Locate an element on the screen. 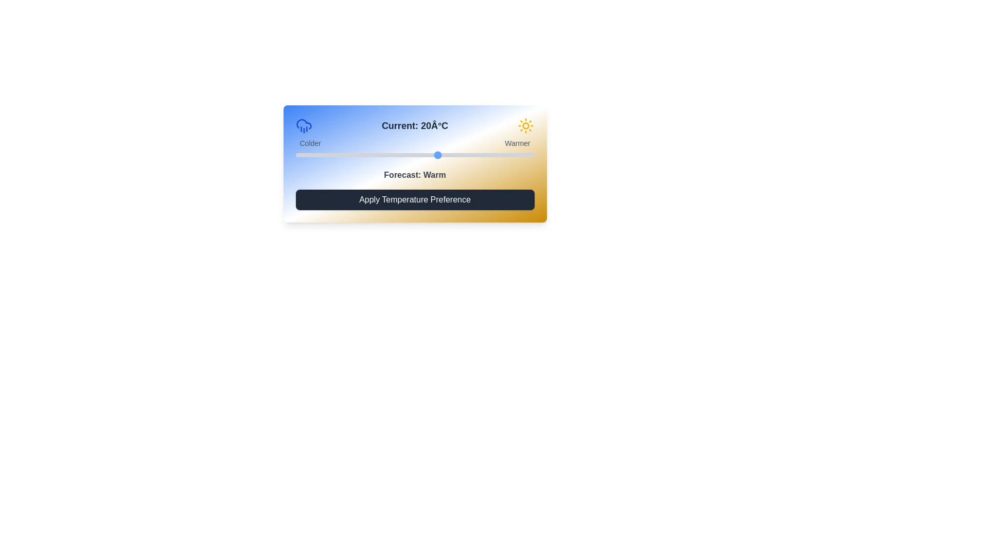  the temperature slider to 39 degrees is located at coordinates (530, 155).